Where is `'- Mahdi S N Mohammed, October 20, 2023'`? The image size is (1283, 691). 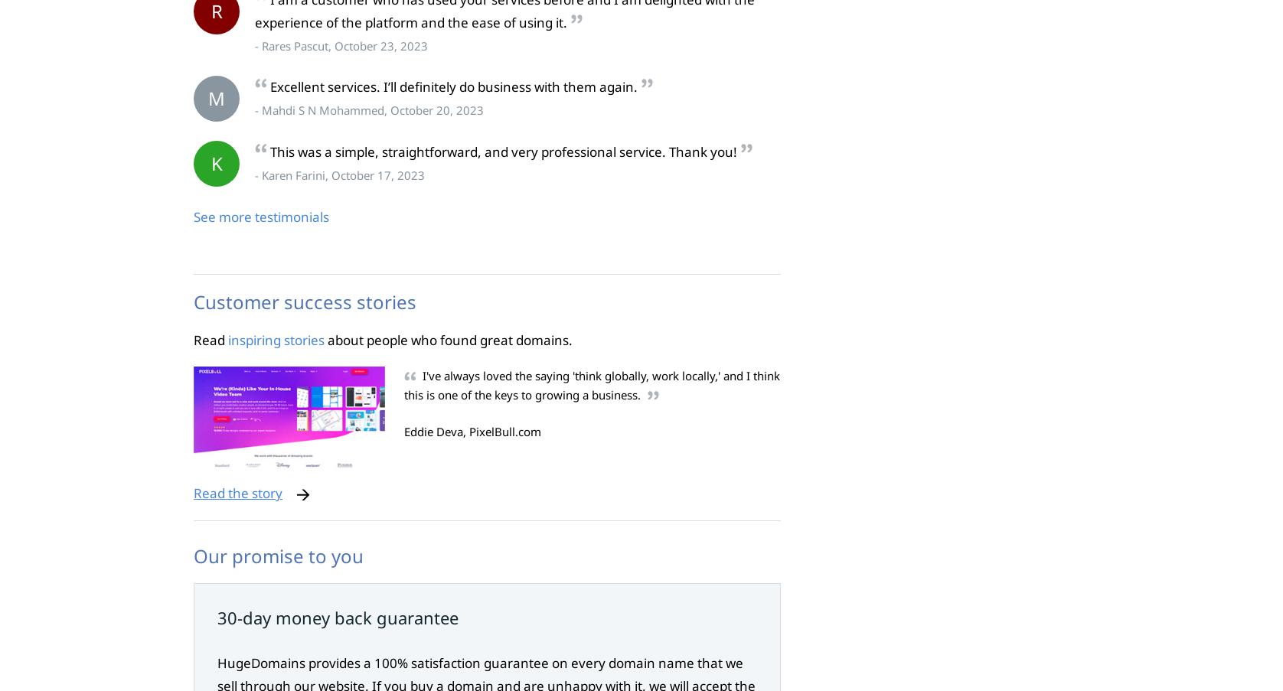 '- Mahdi S N Mohammed, October 20, 2023' is located at coordinates (254, 109).